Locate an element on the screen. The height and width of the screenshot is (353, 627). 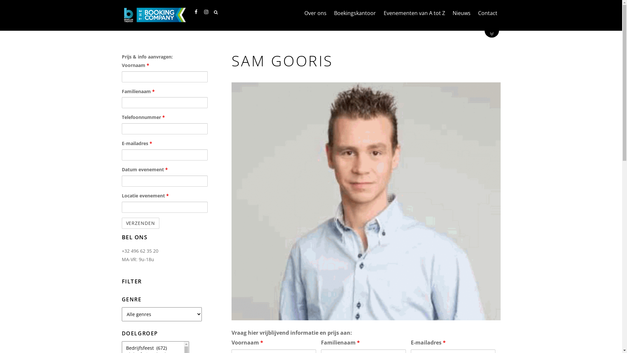
'Instagram' is located at coordinates (205, 11).